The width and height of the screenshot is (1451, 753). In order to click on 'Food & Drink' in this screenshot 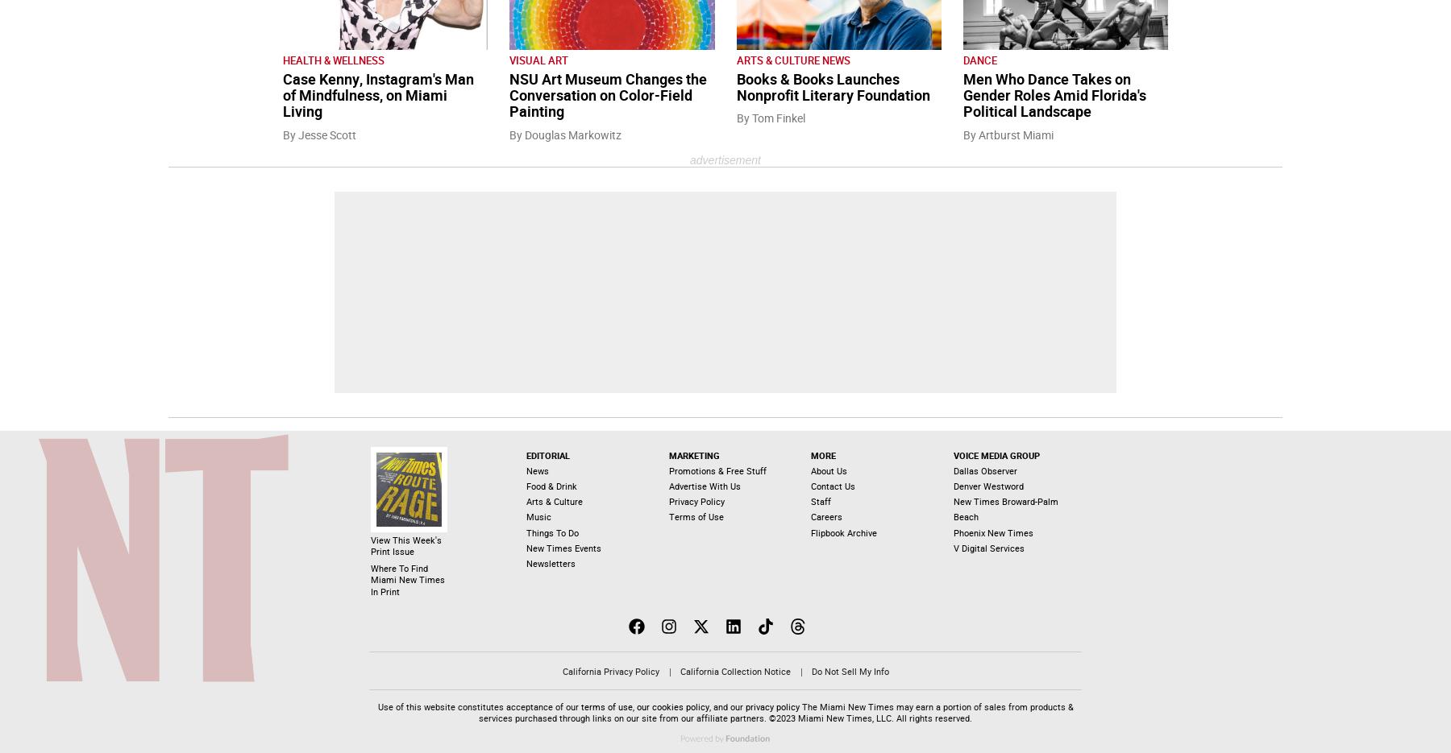, I will do `click(550, 484)`.